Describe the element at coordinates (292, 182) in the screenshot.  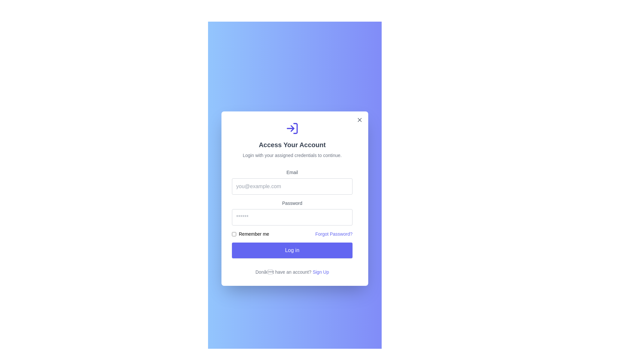
I see `the input field labeled 'Email' which is styled with a light border and rounded corners` at that location.